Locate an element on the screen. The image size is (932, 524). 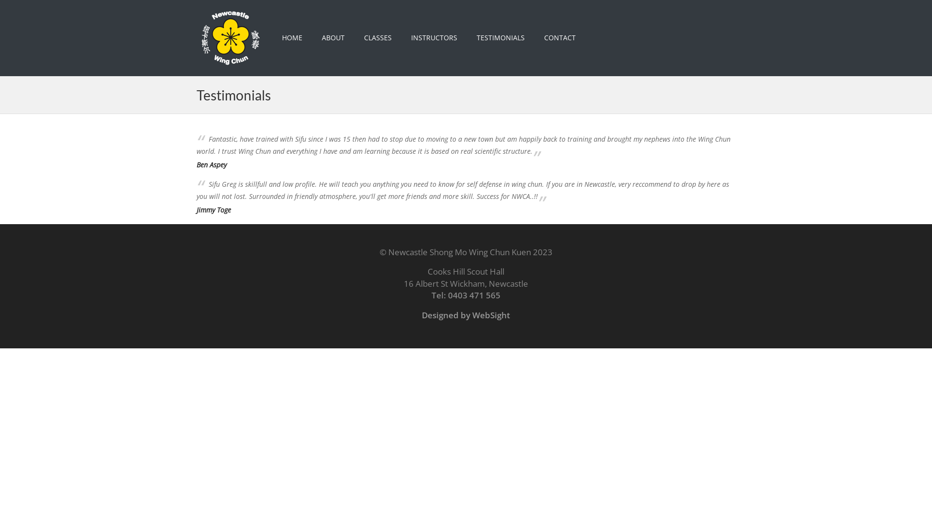
'CONTACT' is located at coordinates (560, 37).